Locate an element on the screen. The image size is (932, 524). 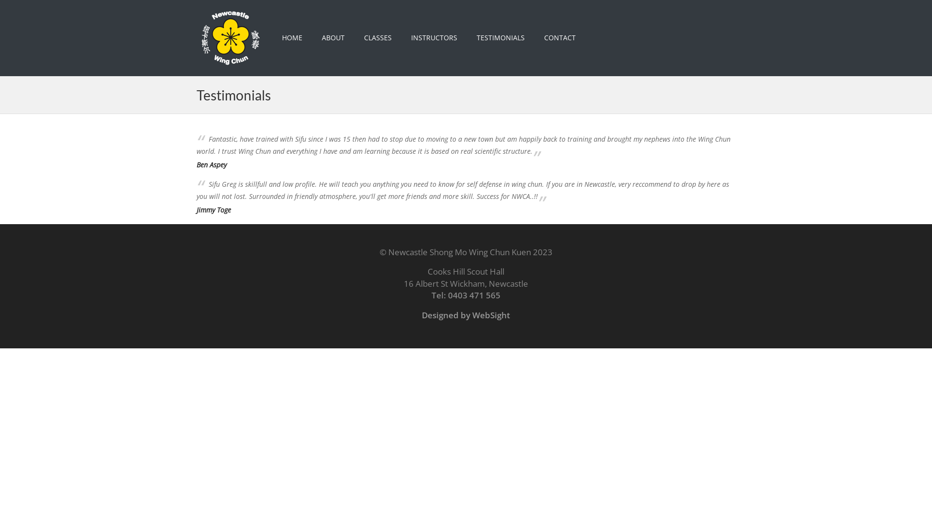
'CONTACT' is located at coordinates (560, 37).